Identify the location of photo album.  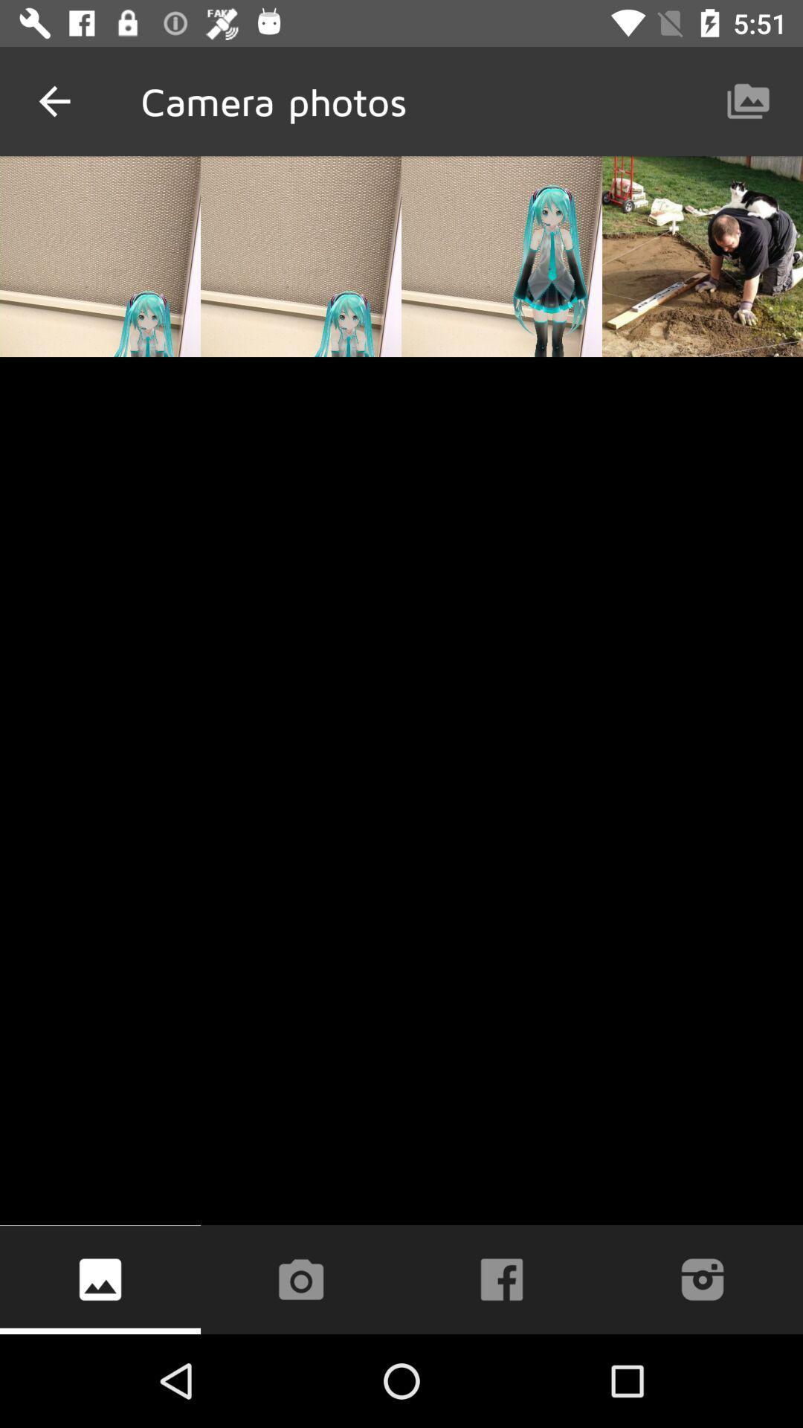
(100, 1279).